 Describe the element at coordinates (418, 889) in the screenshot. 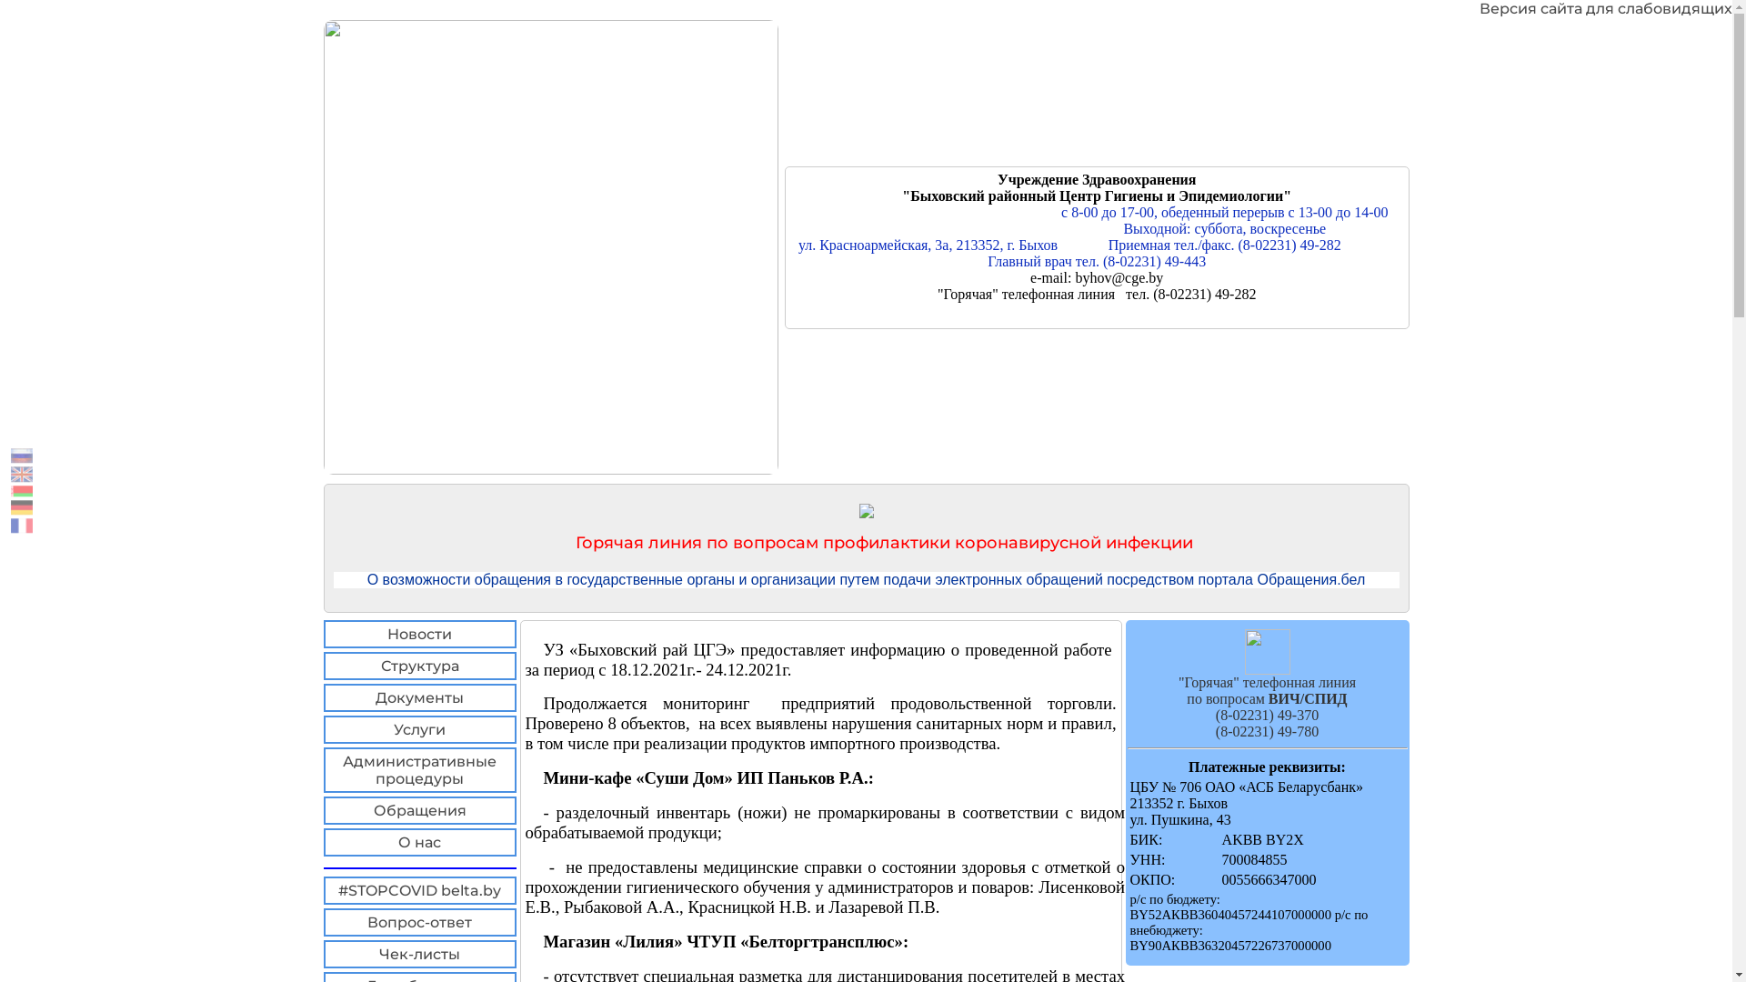

I see `'#STOPCOVID belta.by'` at that location.